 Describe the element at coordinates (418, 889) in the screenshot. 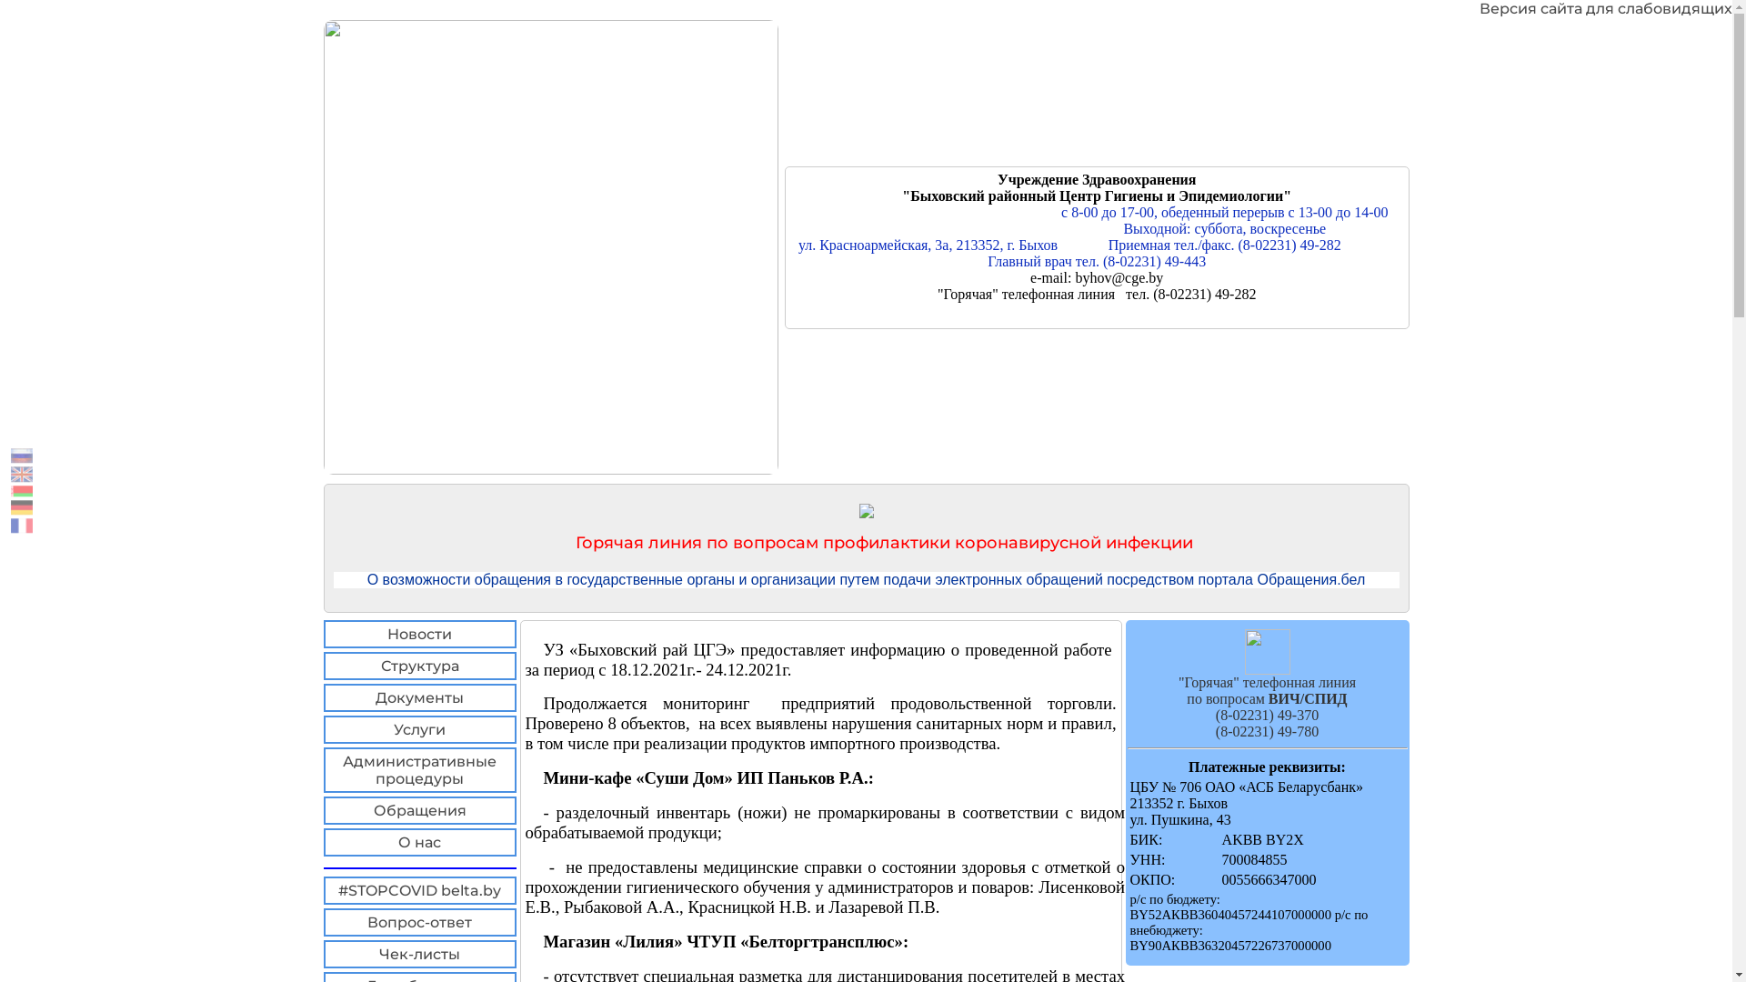

I see `'#STOPCOVID belta.by'` at that location.